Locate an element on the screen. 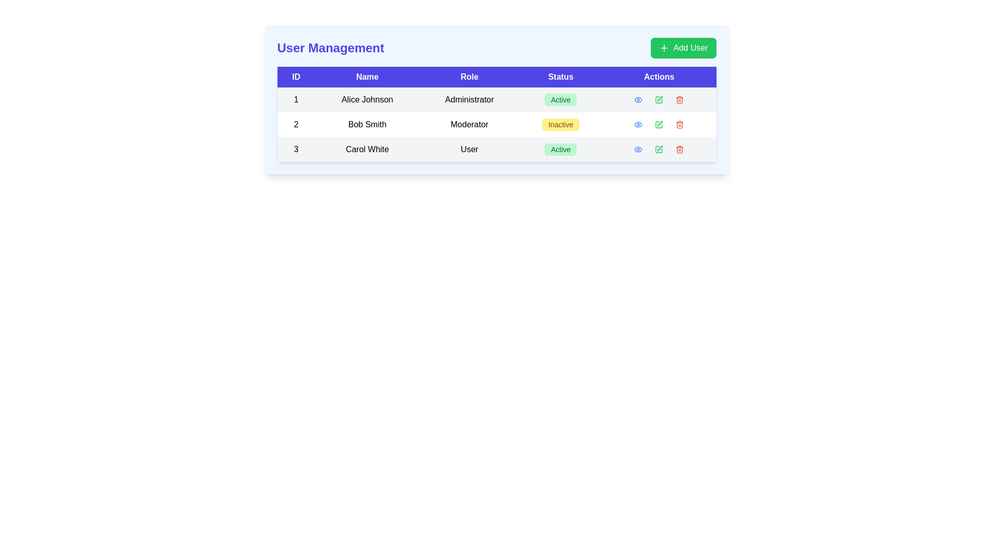  the 'Status' text label, which is a bold font label centered in a blue rectangular section, positioned as the fourth header in a table alongside 'ID', 'Name', 'Role', and 'Actions' is located at coordinates (560, 77).